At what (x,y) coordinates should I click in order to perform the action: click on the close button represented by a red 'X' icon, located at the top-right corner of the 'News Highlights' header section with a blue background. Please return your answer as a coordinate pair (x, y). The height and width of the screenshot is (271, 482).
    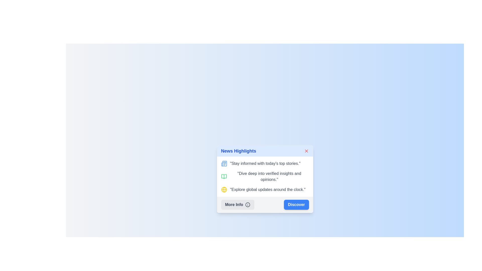
    Looking at the image, I should click on (306, 151).